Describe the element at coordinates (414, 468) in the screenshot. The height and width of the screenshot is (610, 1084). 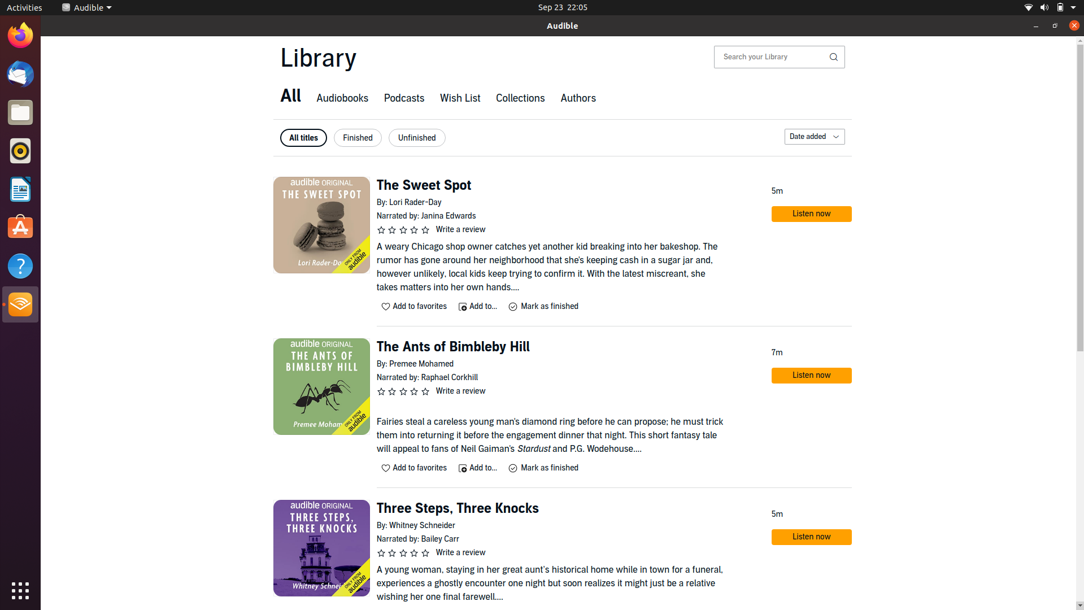
I see `Mark "Ants of Bimbleby Hill" as favourite` at that location.